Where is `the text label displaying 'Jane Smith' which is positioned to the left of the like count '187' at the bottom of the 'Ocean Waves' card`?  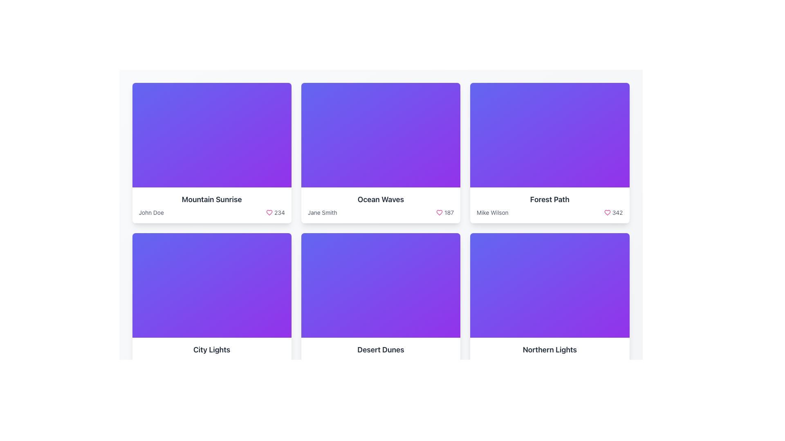
the text label displaying 'Jane Smith' which is positioned to the left of the like count '187' at the bottom of the 'Ocean Waves' card is located at coordinates (322, 212).